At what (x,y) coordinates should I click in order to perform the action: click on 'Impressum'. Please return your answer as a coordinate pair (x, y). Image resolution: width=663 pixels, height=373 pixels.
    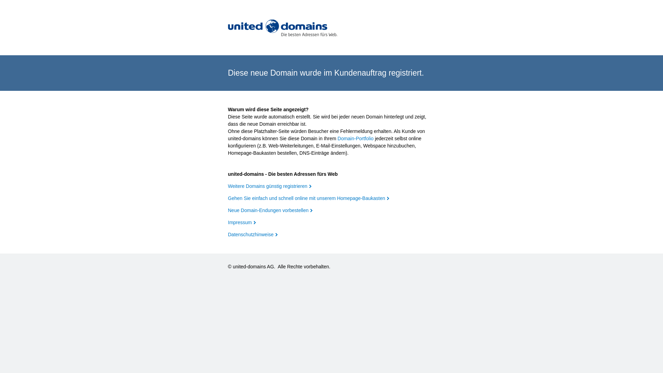
    Looking at the image, I should click on (228, 222).